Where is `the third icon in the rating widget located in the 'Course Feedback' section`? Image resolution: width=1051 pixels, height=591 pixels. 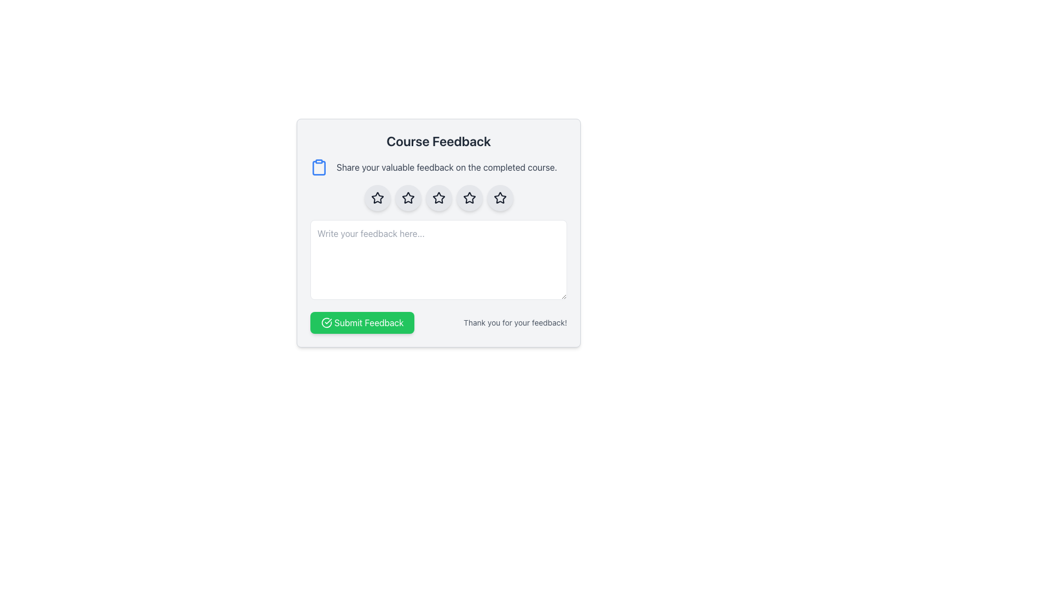
the third icon in the rating widget located in the 'Course Feedback' section is located at coordinates (438, 198).